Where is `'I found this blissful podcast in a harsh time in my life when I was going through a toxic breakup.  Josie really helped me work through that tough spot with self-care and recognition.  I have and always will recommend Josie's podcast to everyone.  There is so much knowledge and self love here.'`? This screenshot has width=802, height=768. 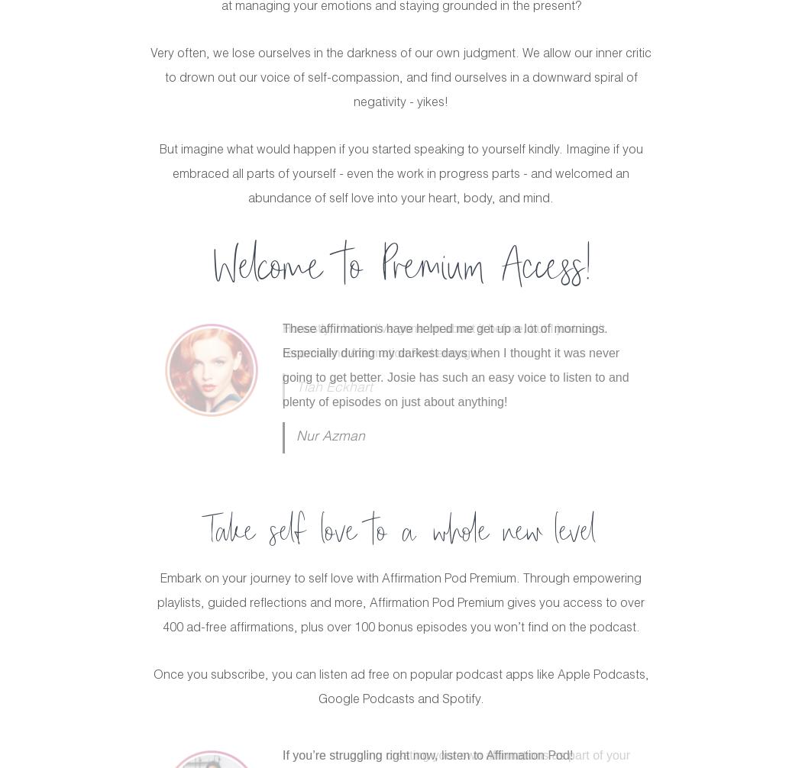
'I found this blissful podcast in a harsh time in my life when I was going through a toxic breakup.  Josie really helped me work through that tough spot with self-care and recognition.  I have and always will recommend Josie's podcast to everyone.  There is so much knowledge and self love here.' is located at coordinates (454, 376).